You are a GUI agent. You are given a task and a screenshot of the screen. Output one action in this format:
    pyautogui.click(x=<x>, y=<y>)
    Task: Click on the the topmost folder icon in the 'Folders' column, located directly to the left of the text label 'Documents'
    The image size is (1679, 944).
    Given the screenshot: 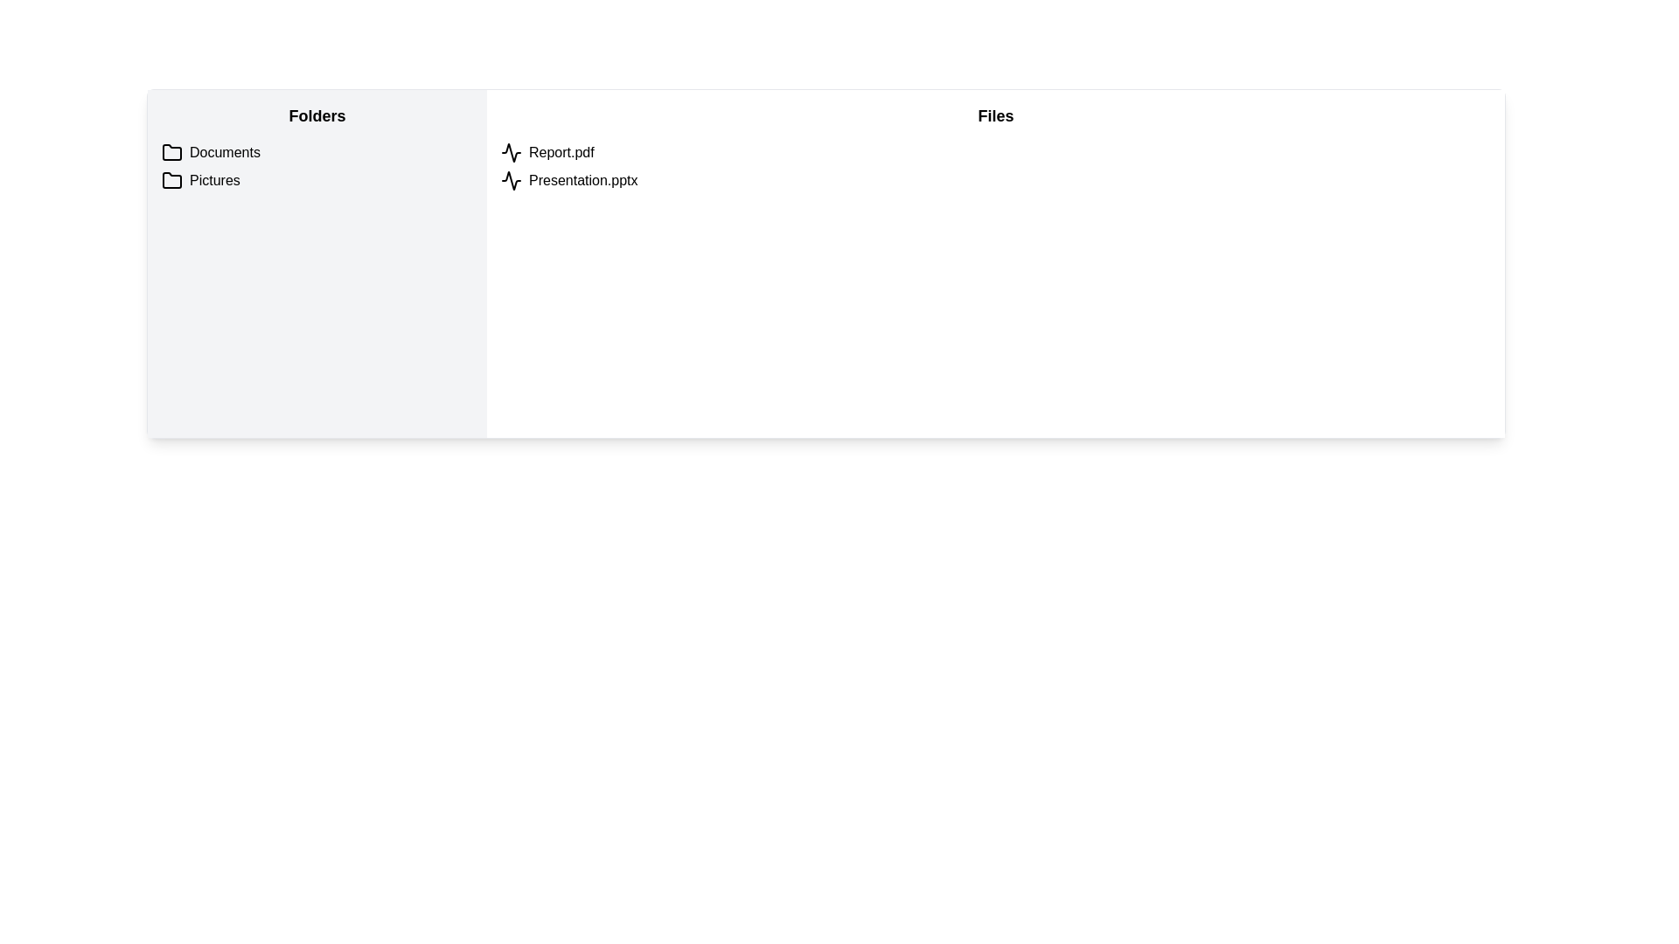 What is the action you would take?
    pyautogui.click(x=171, y=151)
    